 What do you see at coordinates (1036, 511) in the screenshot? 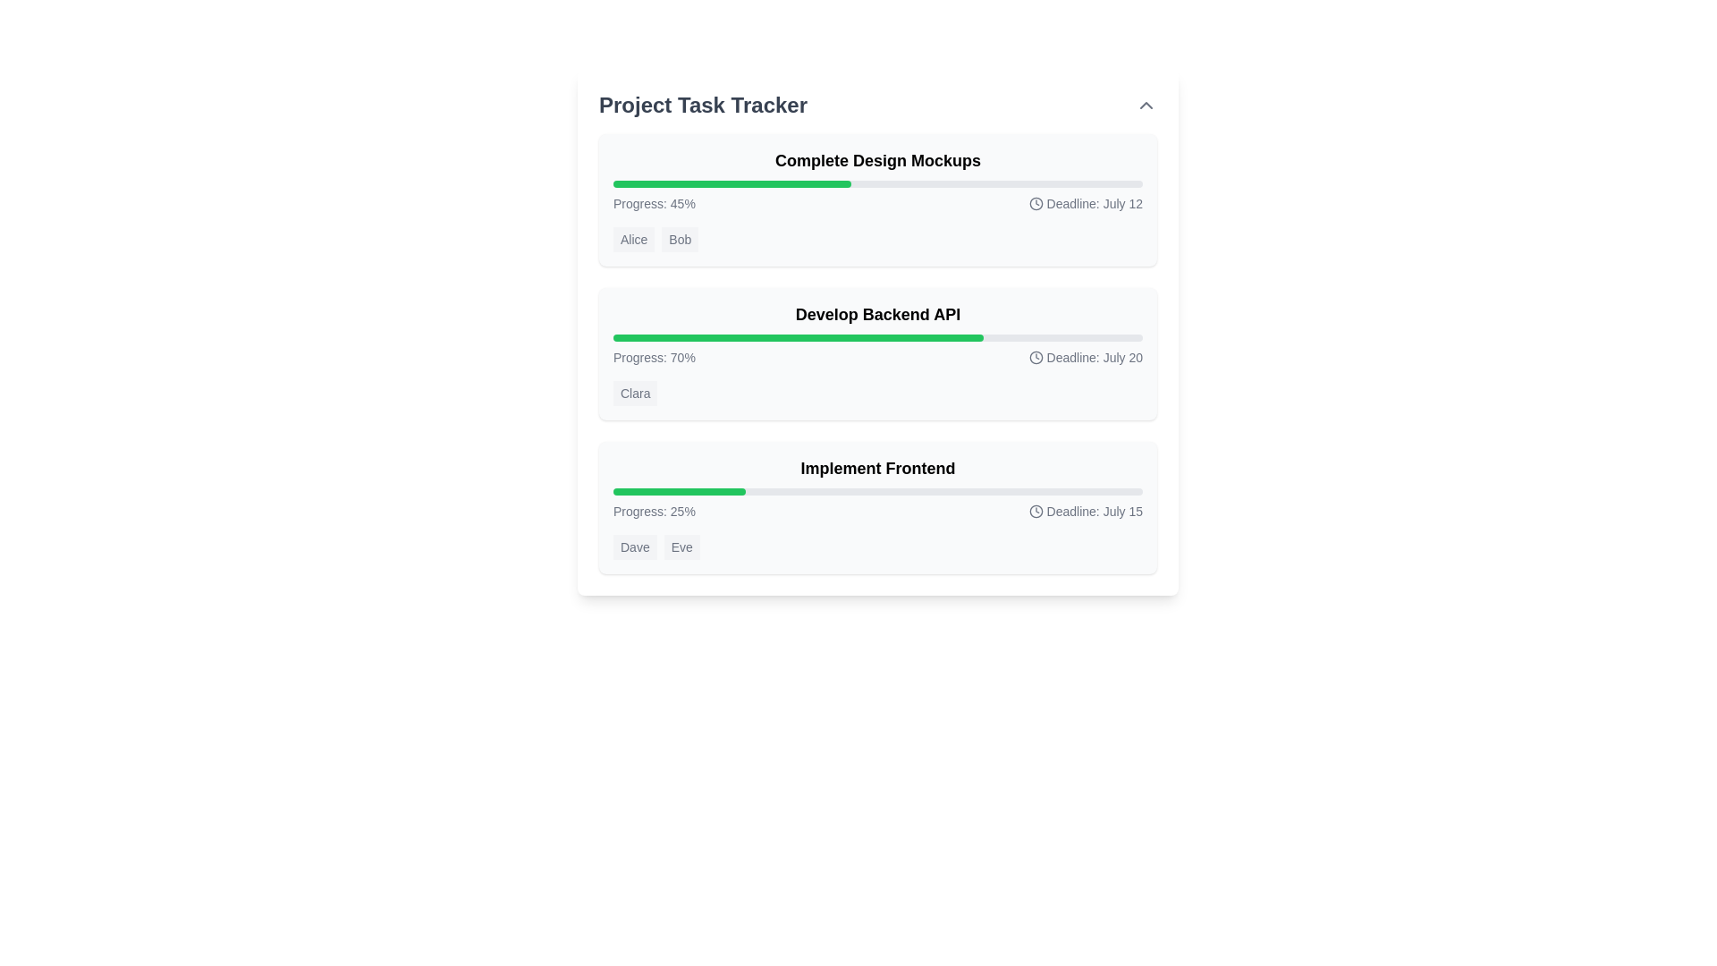
I see `the deadline icon located on the far-right side of the 'Implement Frontend' task section, aligned with the text 'Deadline: July 15'` at bounding box center [1036, 511].